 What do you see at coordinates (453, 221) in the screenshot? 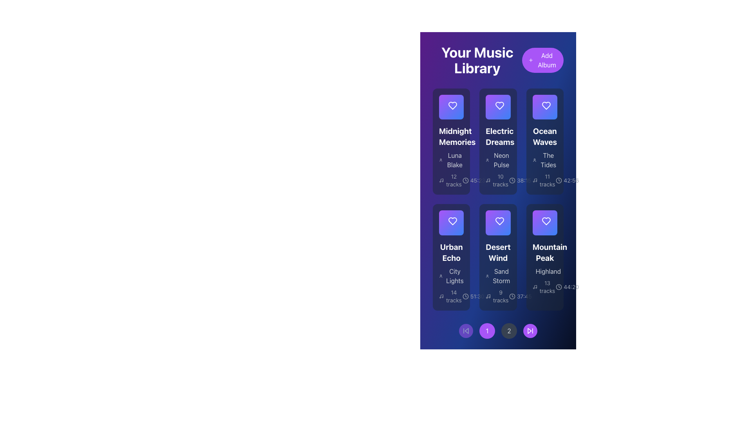
I see `the favorite/unfavorite icon located at the top-center of the 'Urban Echo' album card` at bounding box center [453, 221].